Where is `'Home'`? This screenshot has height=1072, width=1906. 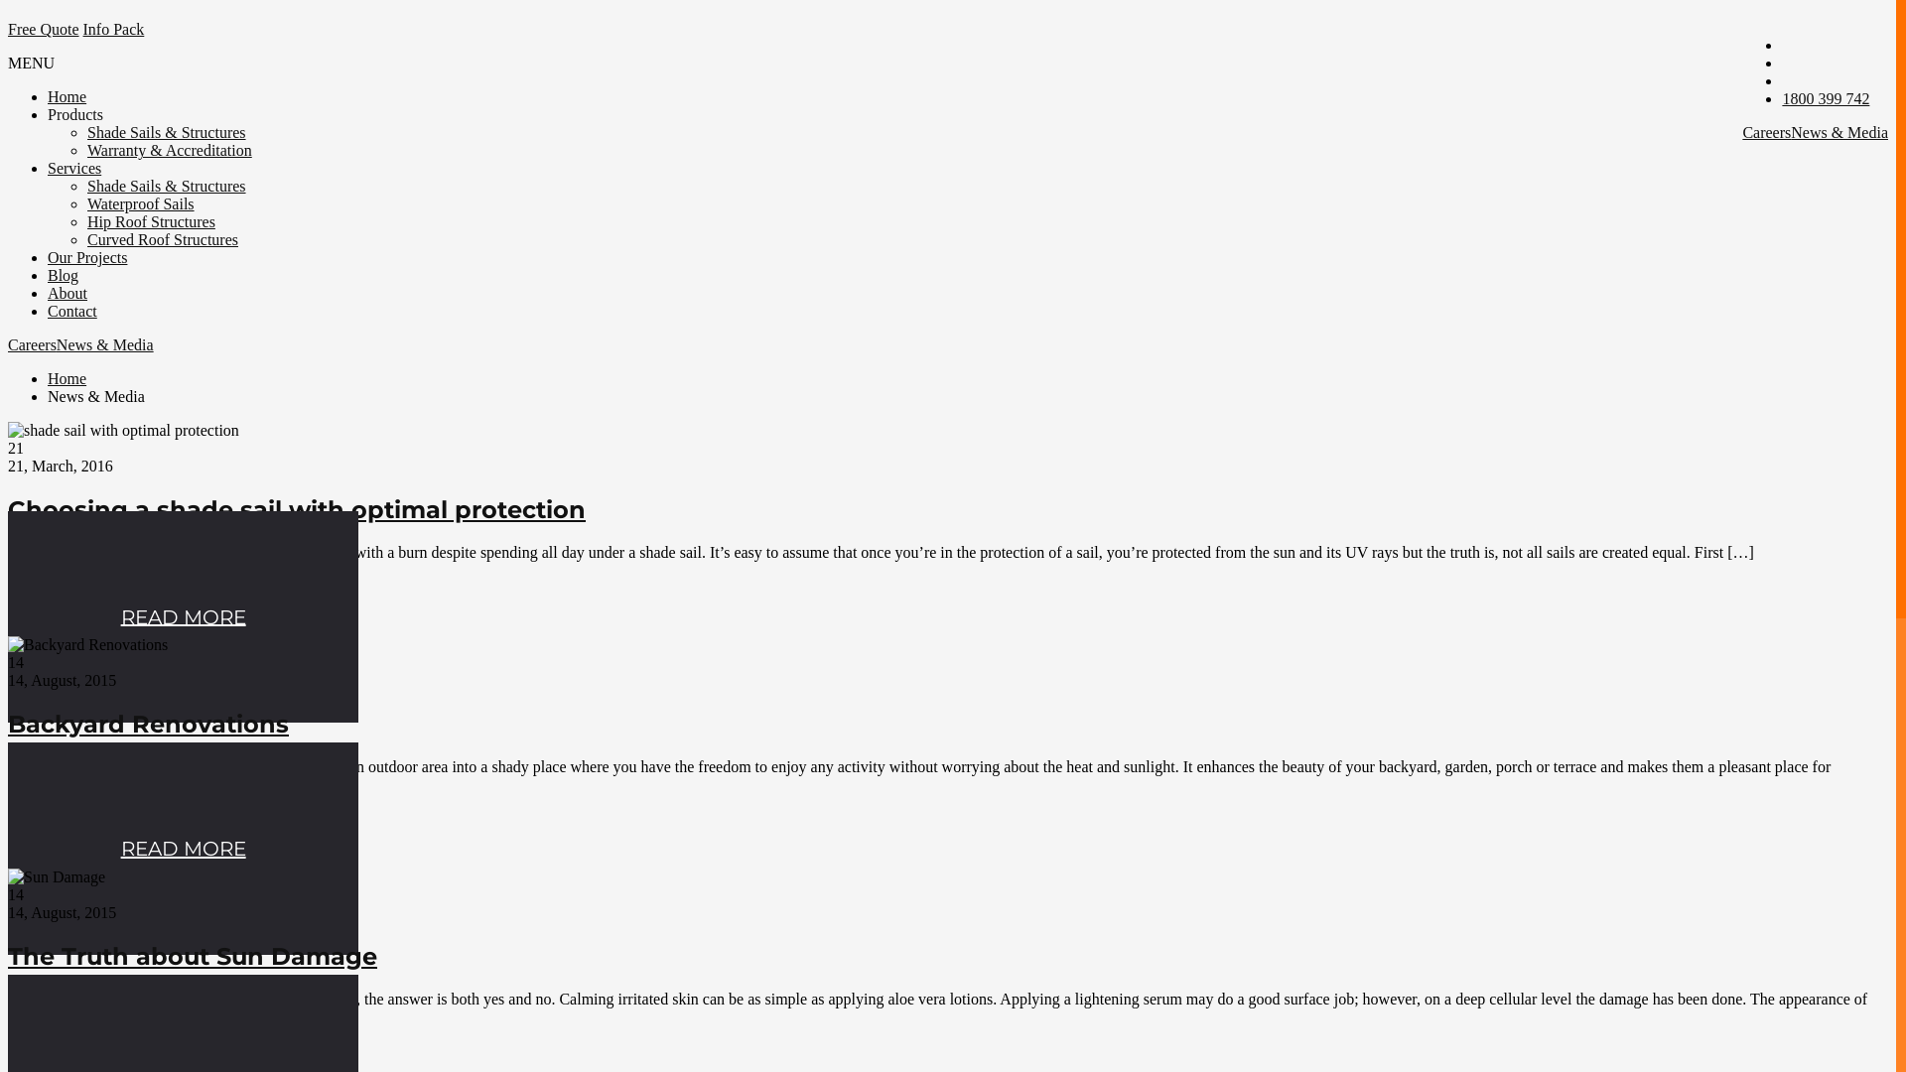
'Home' is located at coordinates (67, 96).